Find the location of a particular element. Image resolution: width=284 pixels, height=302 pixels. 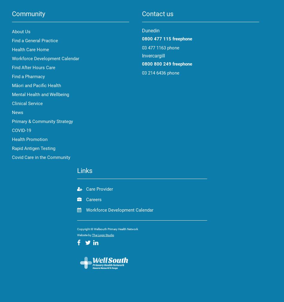

'03 214 6436 phone' is located at coordinates (161, 72).